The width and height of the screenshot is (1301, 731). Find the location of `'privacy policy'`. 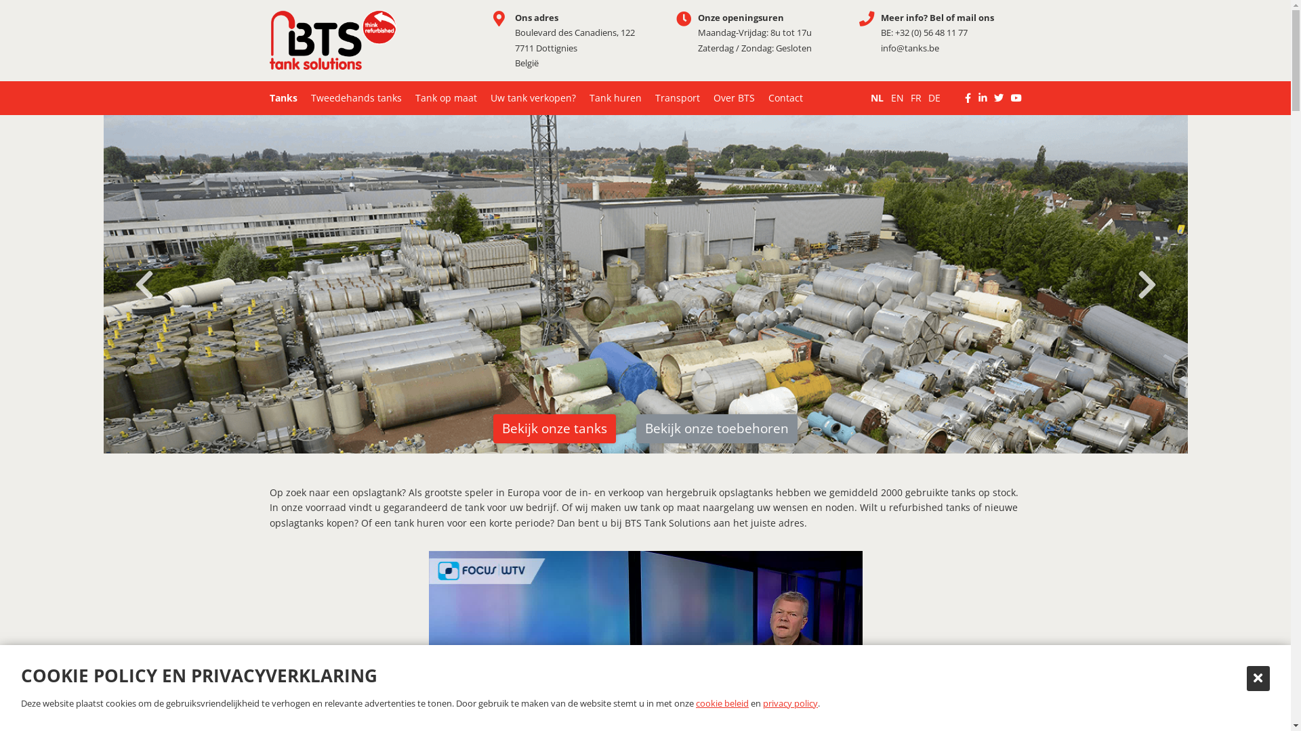

'privacy policy' is located at coordinates (763, 702).